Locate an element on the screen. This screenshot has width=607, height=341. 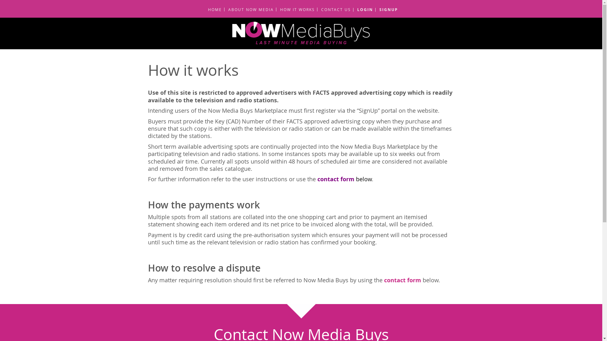
'ABOUT NOW MEDIA' is located at coordinates (248, 9).